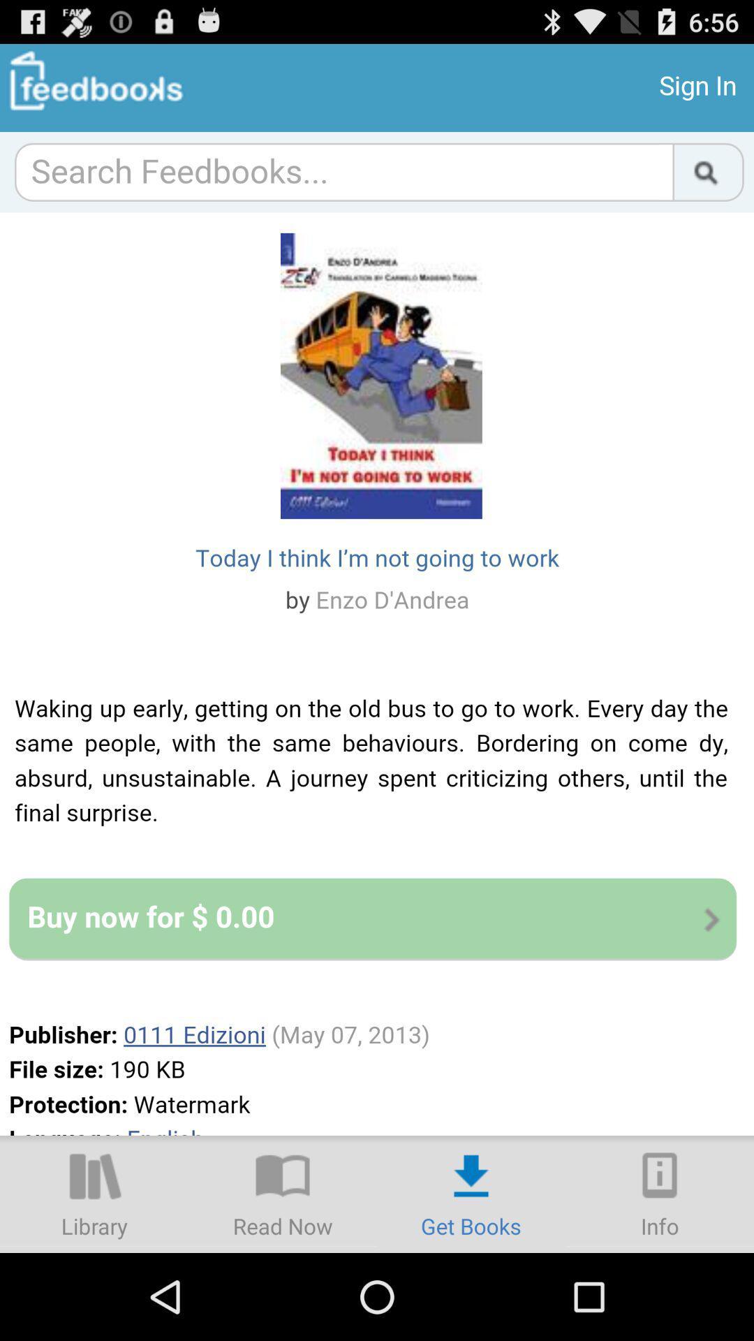 This screenshot has height=1341, width=754. Describe the element at coordinates (283, 1193) in the screenshot. I see `book` at that location.